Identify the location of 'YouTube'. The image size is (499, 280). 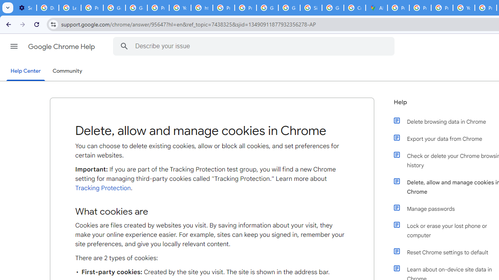
(464, 8).